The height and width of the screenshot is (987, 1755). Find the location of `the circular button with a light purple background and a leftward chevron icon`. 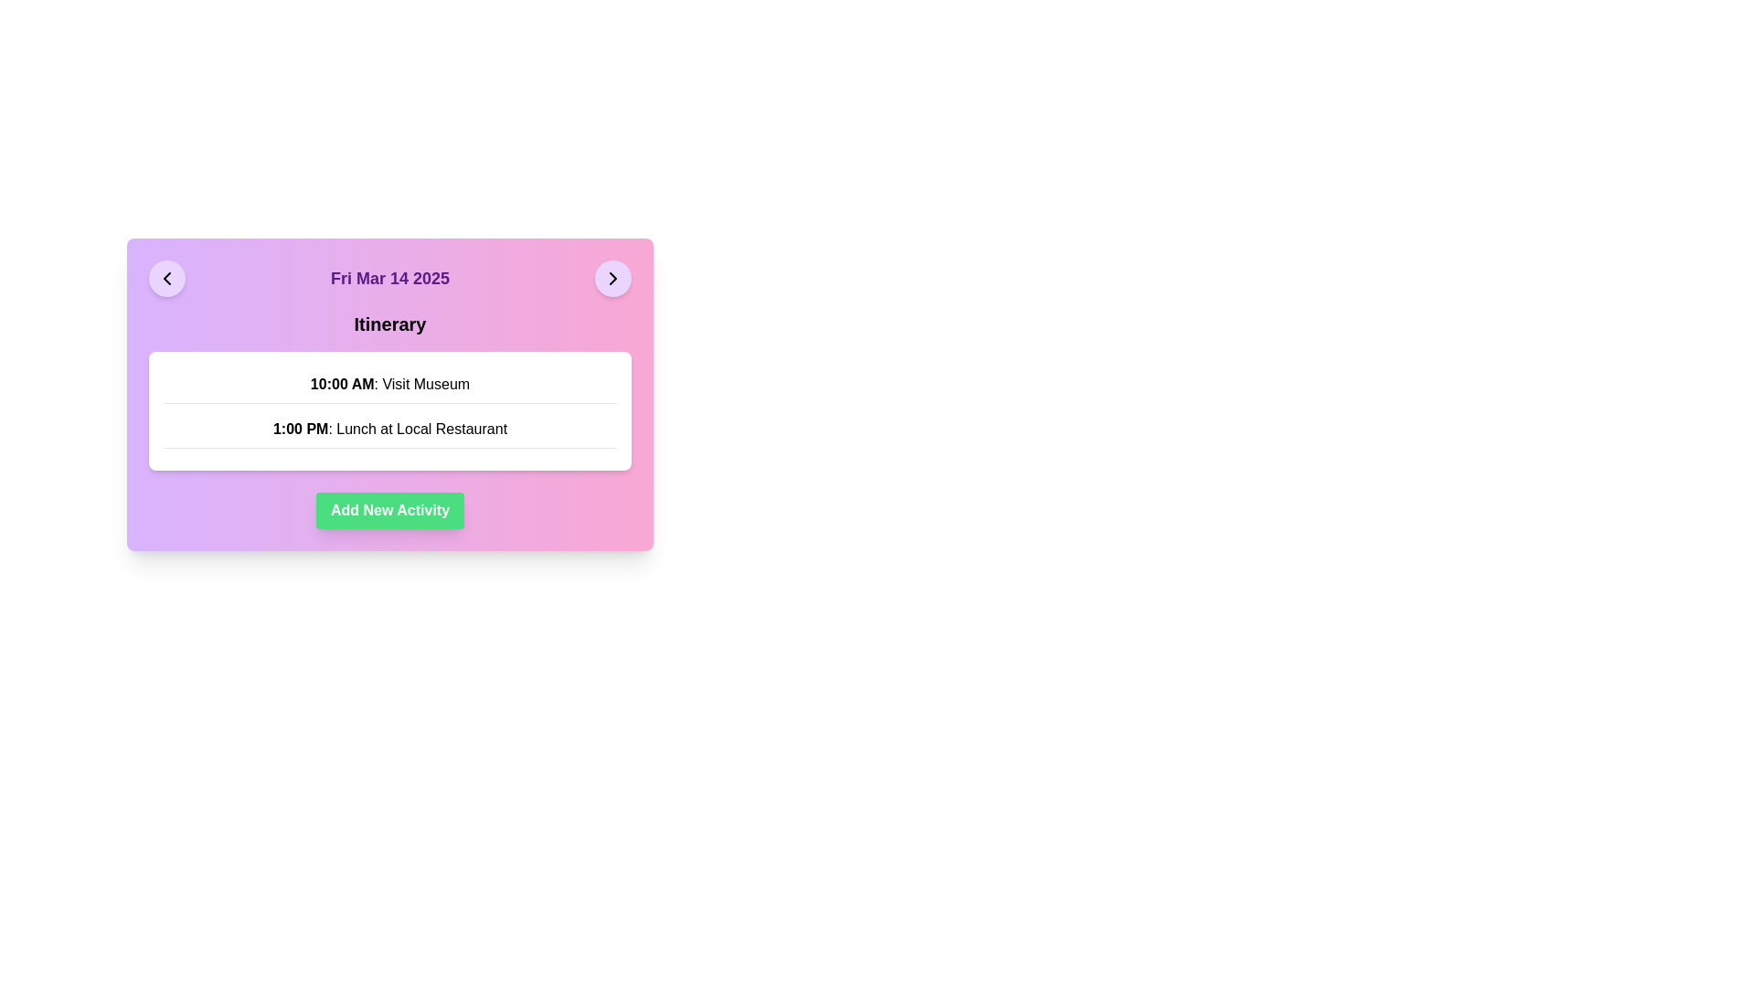

the circular button with a light purple background and a leftward chevron icon is located at coordinates (166, 278).